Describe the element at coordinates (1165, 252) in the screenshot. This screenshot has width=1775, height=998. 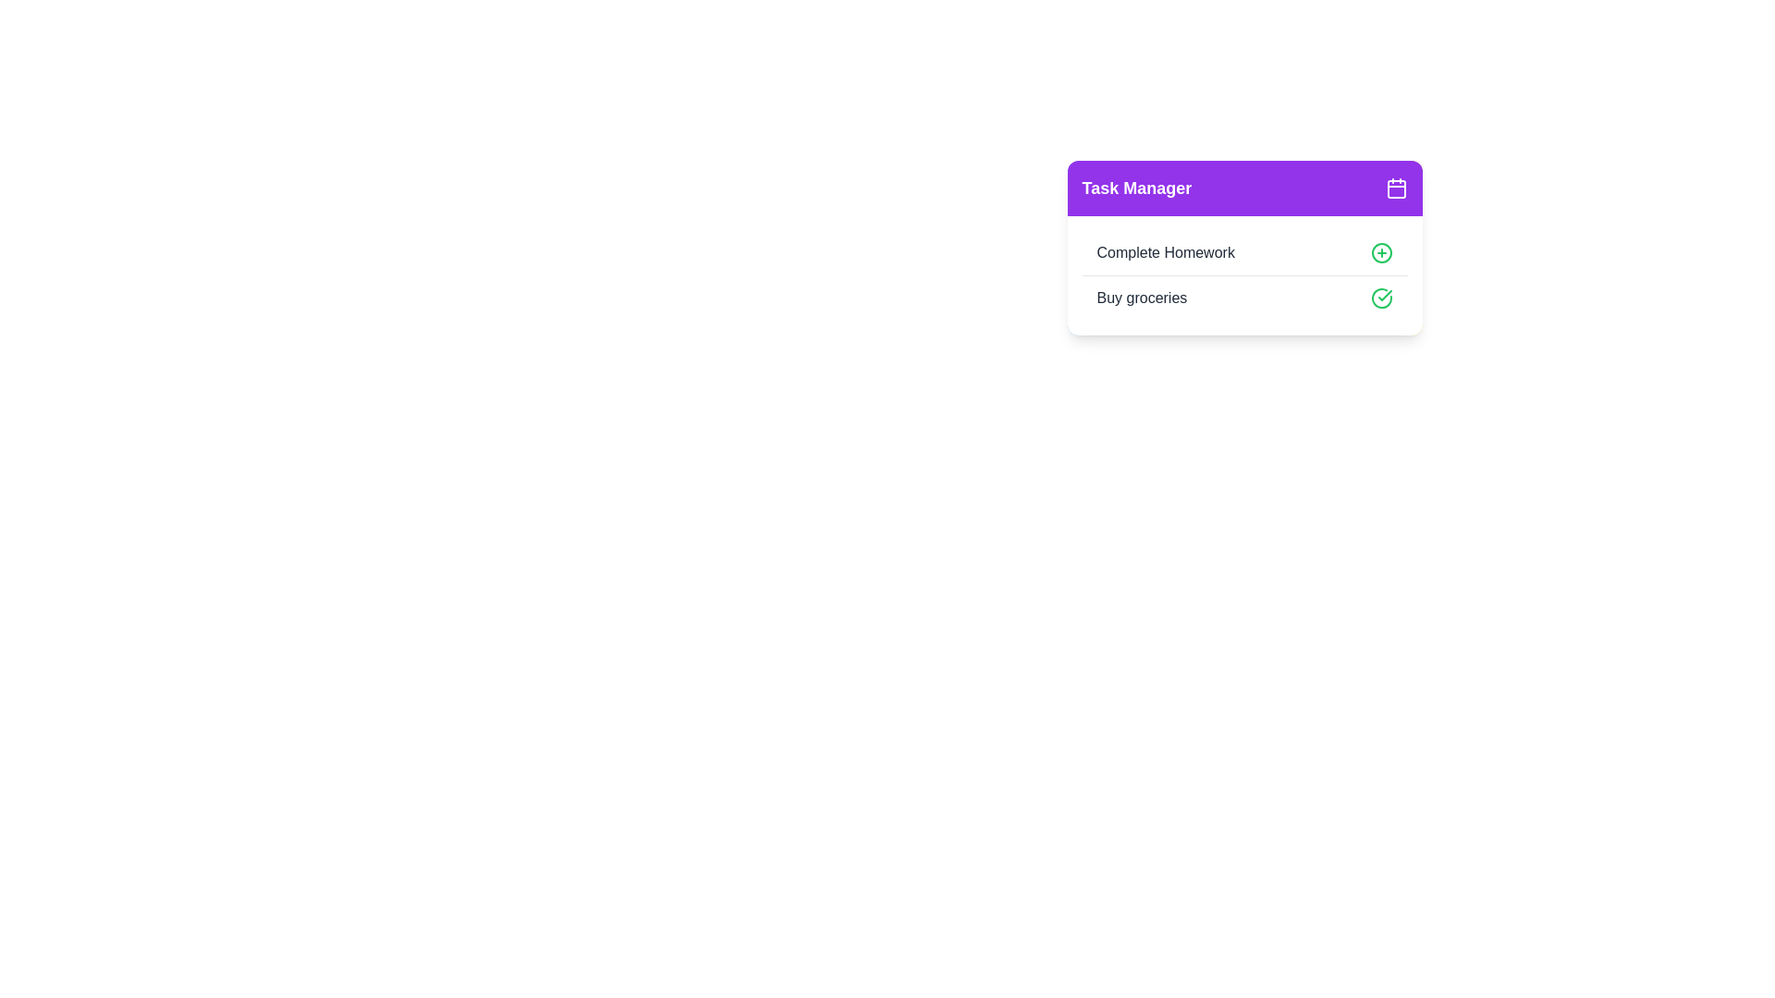
I see `text from the label displaying 'Complete Homework' in the Task Manager's task list` at that location.